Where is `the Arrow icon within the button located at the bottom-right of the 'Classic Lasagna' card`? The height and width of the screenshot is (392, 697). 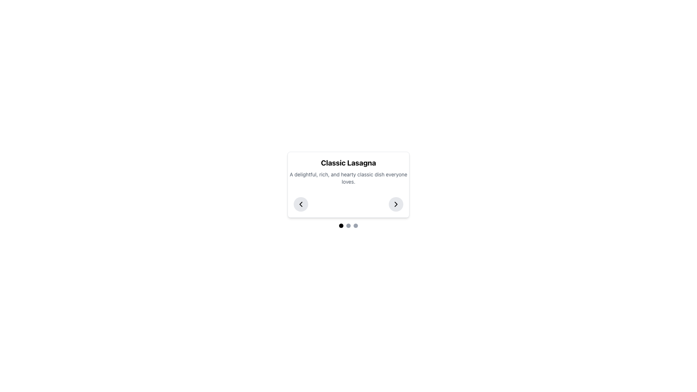
the Arrow icon within the button located at the bottom-right of the 'Classic Lasagna' card is located at coordinates (395, 204).